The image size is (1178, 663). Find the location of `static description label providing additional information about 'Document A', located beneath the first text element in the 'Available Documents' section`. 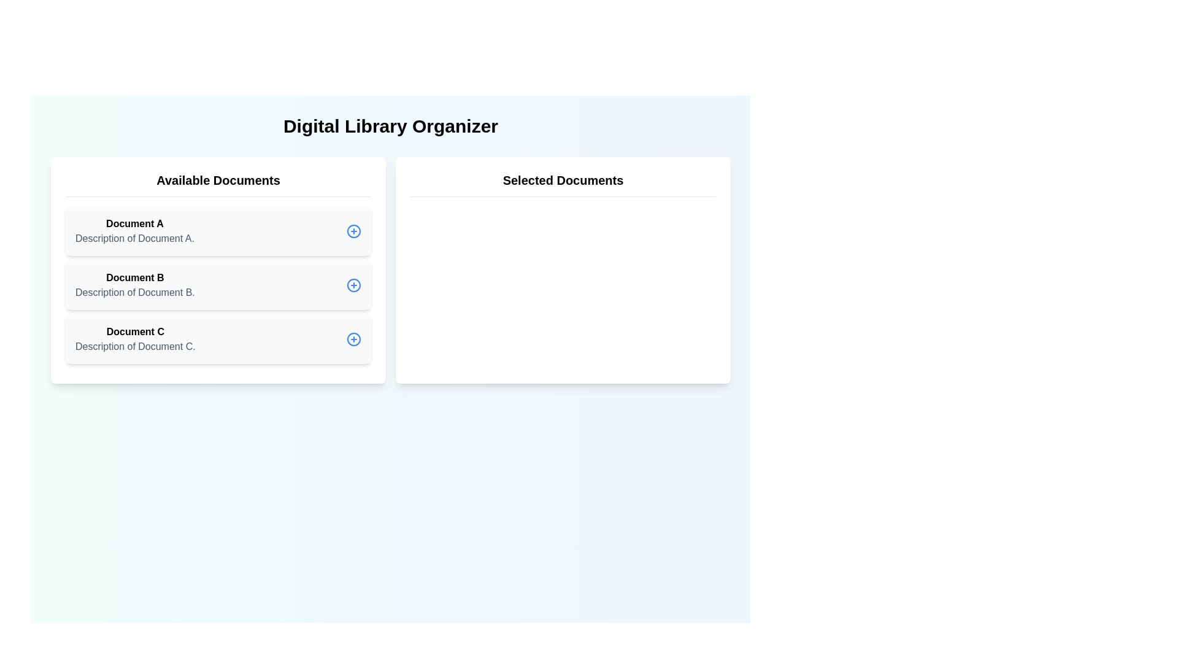

static description label providing additional information about 'Document A', located beneath the first text element in the 'Available Documents' section is located at coordinates (135, 239).